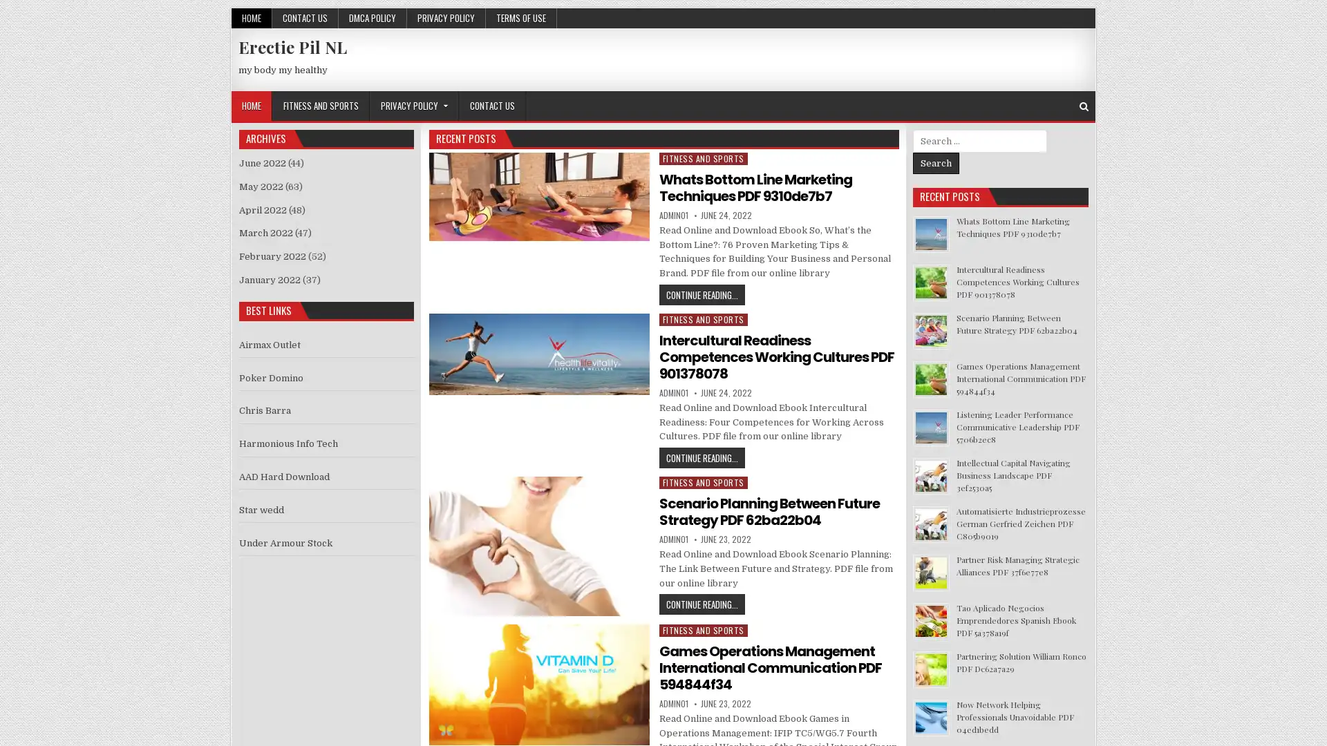  What do you see at coordinates (936, 162) in the screenshot?
I see `Search` at bounding box center [936, 162].